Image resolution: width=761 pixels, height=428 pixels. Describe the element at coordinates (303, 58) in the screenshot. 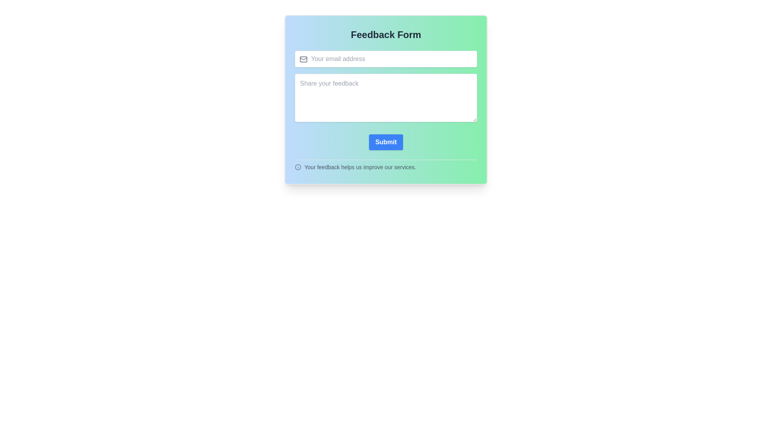

I see `the envelope icon SVG graphic located in the upper-left corner of the email input field in the Feedback Form interface` at that location.